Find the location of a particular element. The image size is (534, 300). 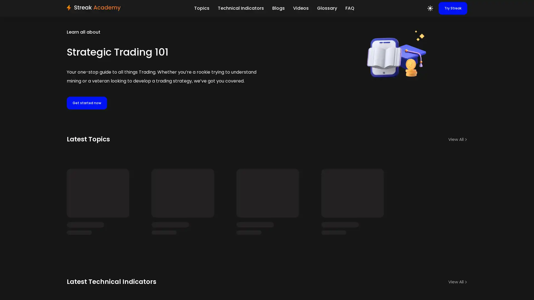

Glossary is located at coordinates (327, 8).